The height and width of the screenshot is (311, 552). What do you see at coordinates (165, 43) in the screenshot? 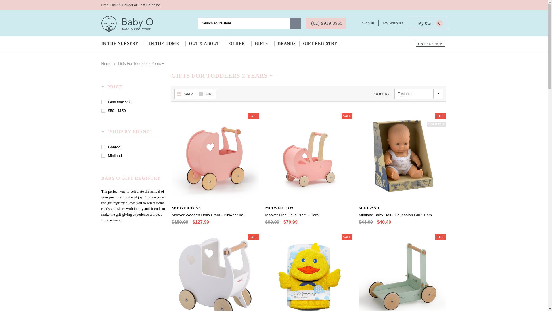
I see `'IN THE HOME'` at bounding box center [165, 43].